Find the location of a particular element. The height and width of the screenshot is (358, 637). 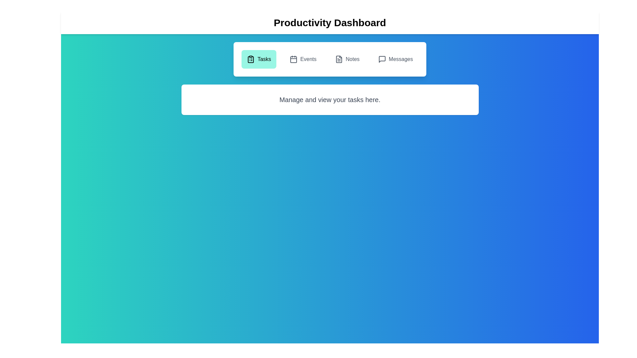

the Messages tab is located at coordinates (395, 59).